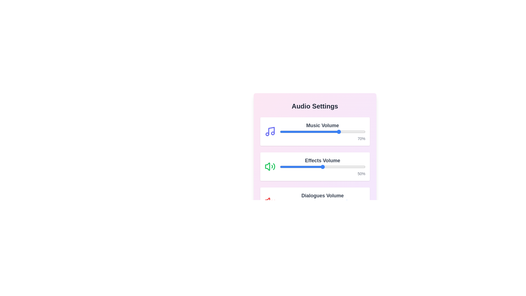 The width and height of the screenshot is (526, 296). What do you see at coordinates (319, 202) in the screenshot?
I see `the Dialogues Volume slider to 46%` at bounding box center [319, 202].